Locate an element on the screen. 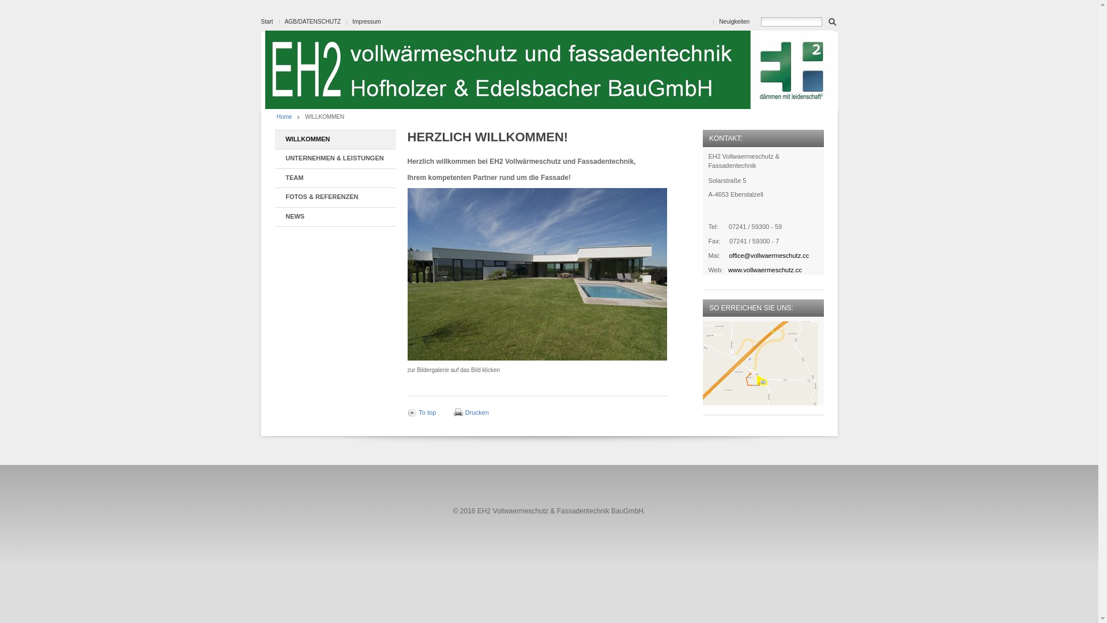 The width and height of the screenshot is (1107, 623). 'zur Bildergalerie auf das Bild klicken' is located at coordinates (536, 274).